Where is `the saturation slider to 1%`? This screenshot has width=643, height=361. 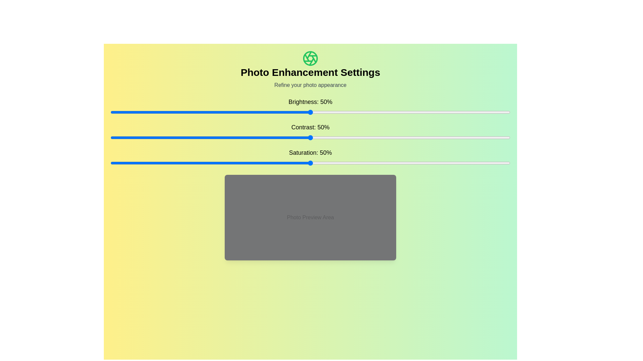
the saturation slider to 1% is located at coordinates (114, 163).